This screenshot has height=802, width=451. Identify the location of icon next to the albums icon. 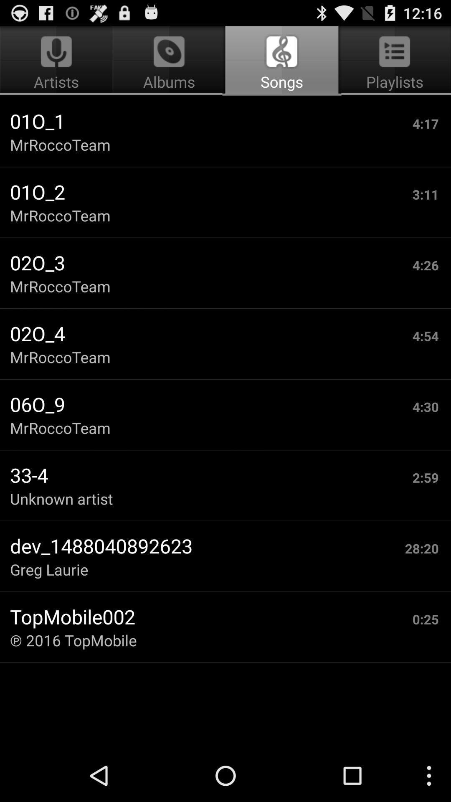
(393, 61).